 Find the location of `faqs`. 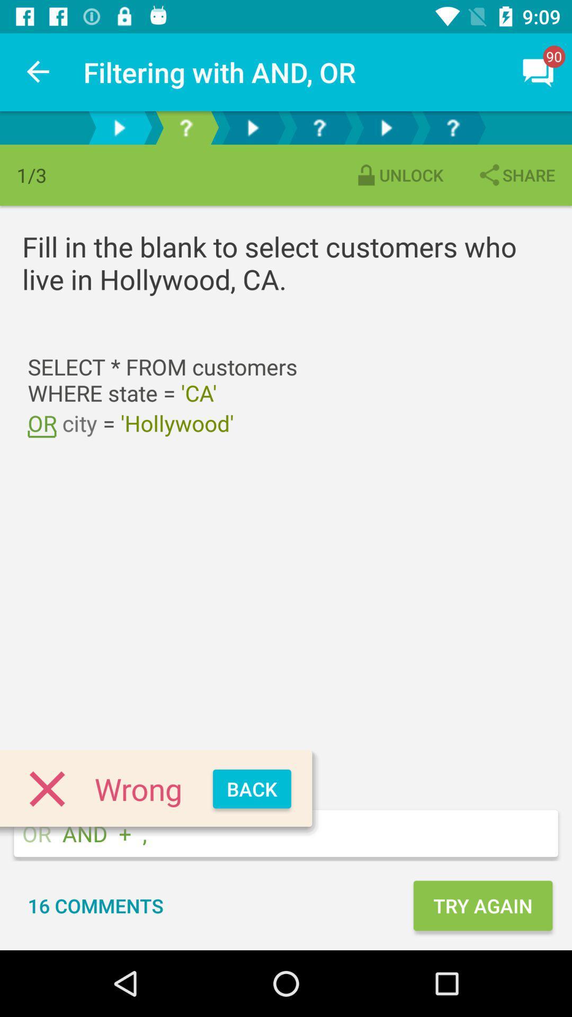

faqs is located at coordinates (453, 127).